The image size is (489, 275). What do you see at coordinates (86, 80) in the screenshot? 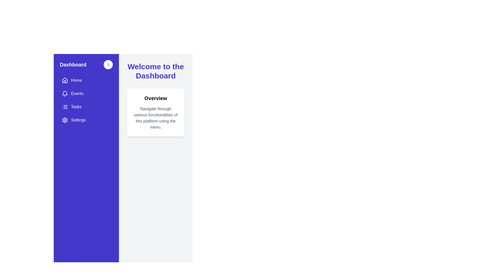
I see `the 'Home' button located in the vertical navigation menu on the left side of the dashboard` at bounding box center [86, 80].